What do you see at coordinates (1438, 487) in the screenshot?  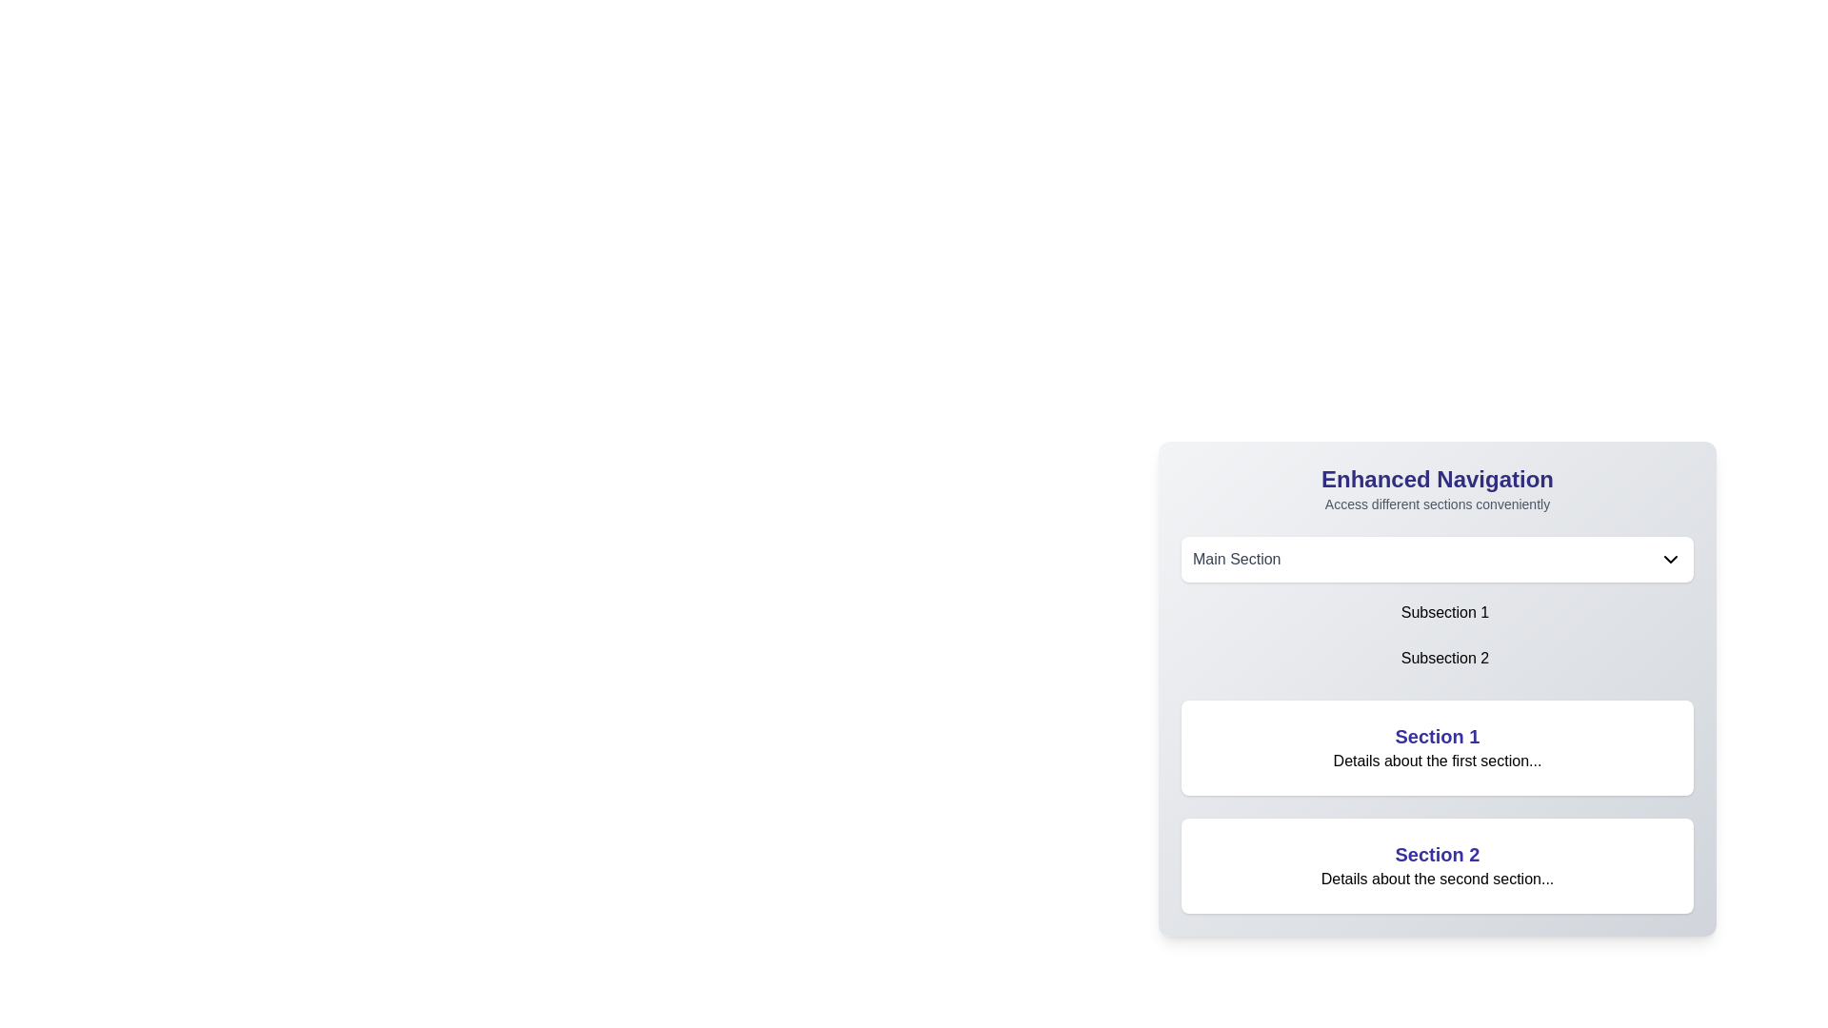 I see `the header text element that serves as a title for the section, positioned above the 'Main Section' dropdown menu` at bounding box center [1438, 487].